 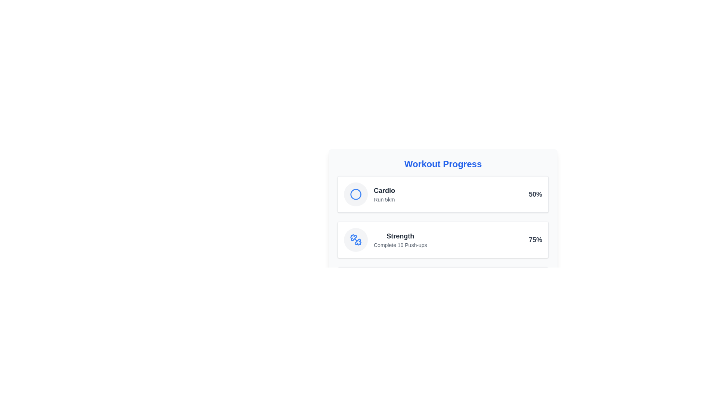 What do you see at coordinates (356, 194) in the screenshot?
I see `the circle icon representing the 'Cardio' entry in the 'Workout Progress' list` at bounding box center [356, 194].